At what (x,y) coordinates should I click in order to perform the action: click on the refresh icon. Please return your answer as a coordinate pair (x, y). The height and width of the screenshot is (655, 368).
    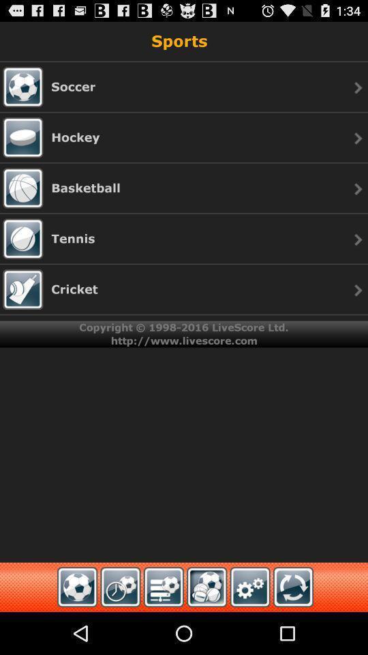
    Looking at the image, I should click on (292, 628).